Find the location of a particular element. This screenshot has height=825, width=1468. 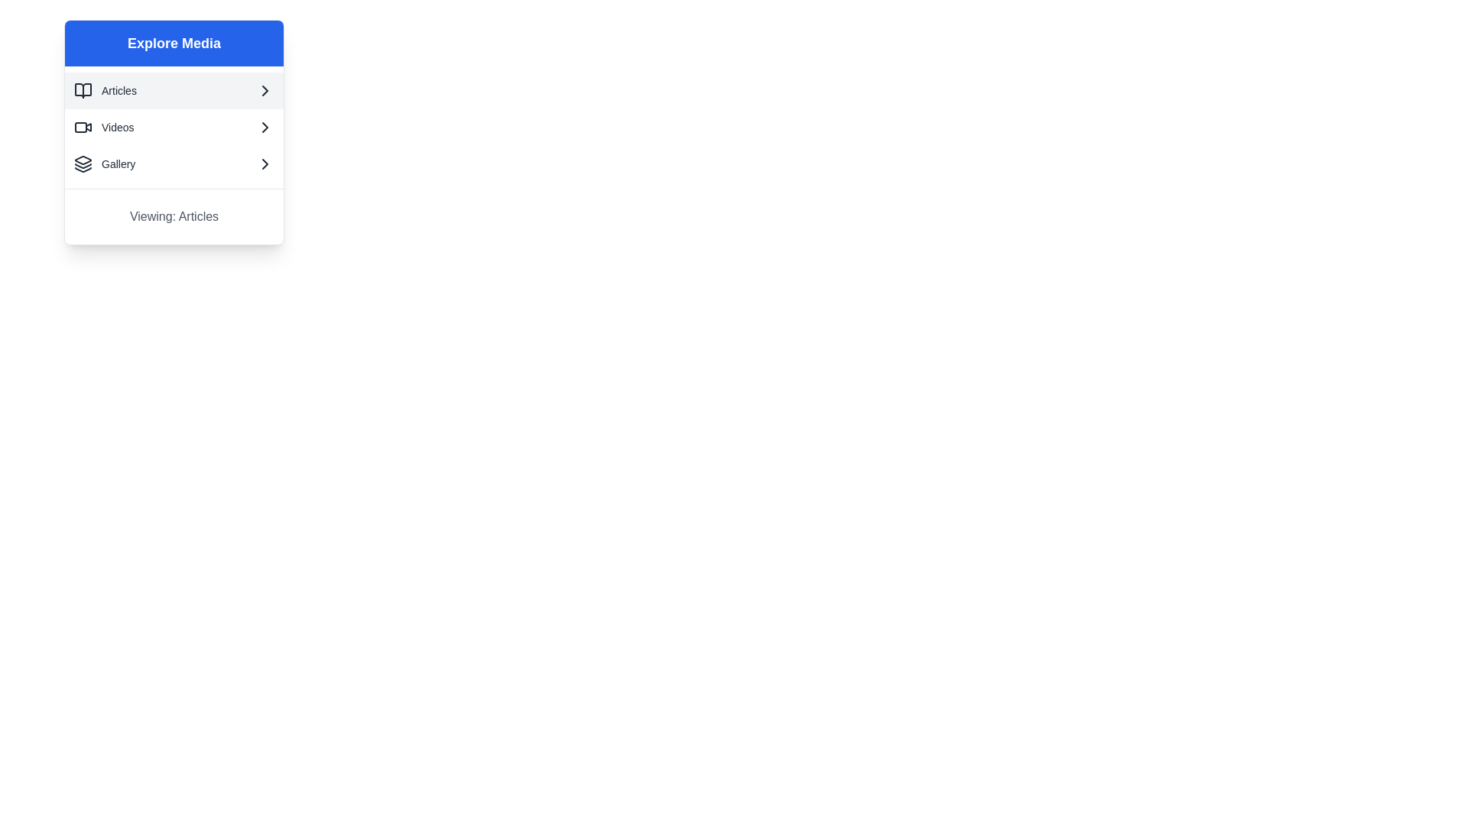

the Chevron icon located at the far right of the 'Articles' list entry in the media navigation panel to trigger a hover state is located at coordinates (265, 91).